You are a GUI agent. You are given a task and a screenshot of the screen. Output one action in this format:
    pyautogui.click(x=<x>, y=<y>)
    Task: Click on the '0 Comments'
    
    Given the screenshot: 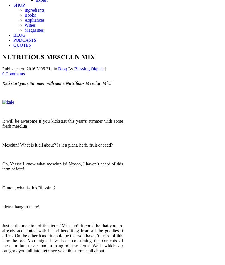 What is the action you would take?
    pyautogui.click(x=13, y=73)
    